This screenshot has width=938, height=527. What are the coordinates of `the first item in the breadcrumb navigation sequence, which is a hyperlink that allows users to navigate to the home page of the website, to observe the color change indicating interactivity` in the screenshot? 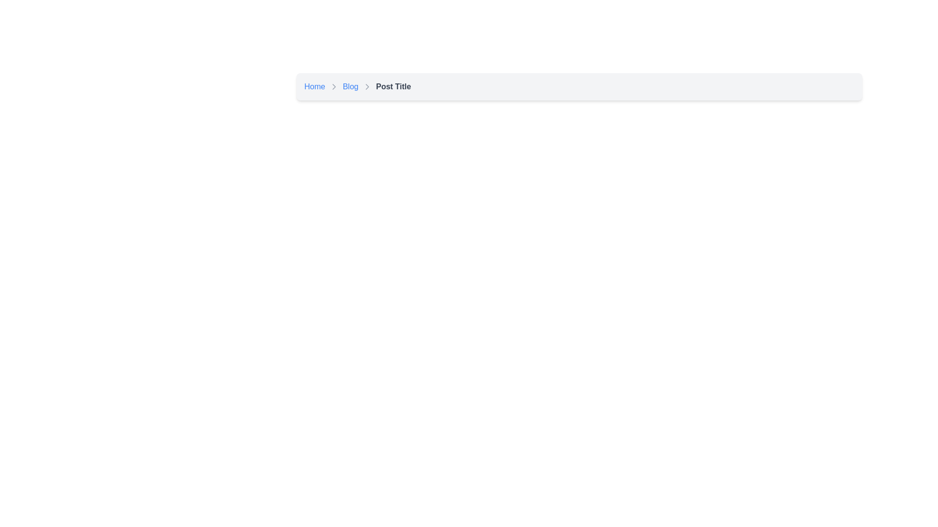 It's located at (315, 86).